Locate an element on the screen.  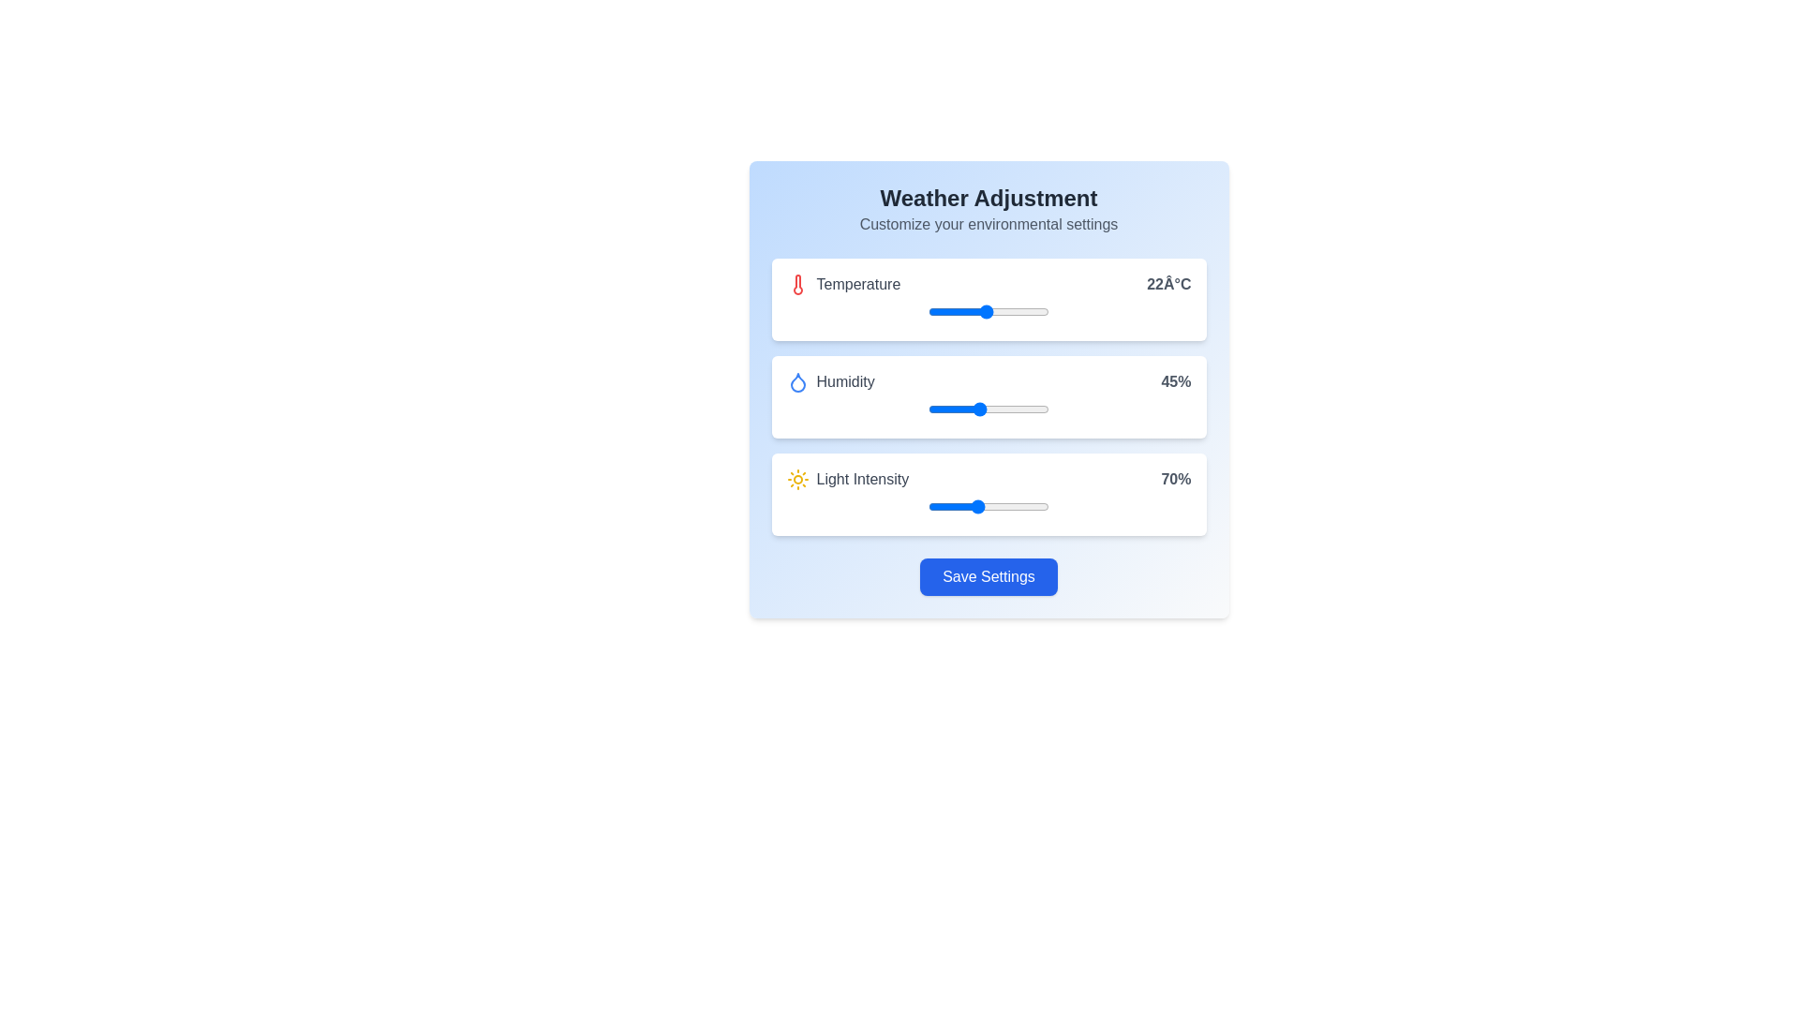
the humidity is located at coordinates (957, 408).